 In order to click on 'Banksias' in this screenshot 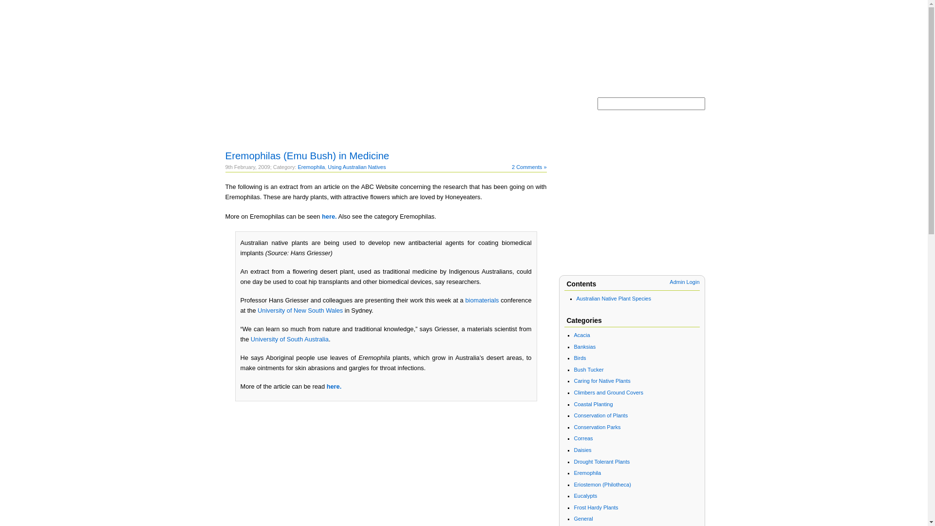, I will do `click(573, 346)`.